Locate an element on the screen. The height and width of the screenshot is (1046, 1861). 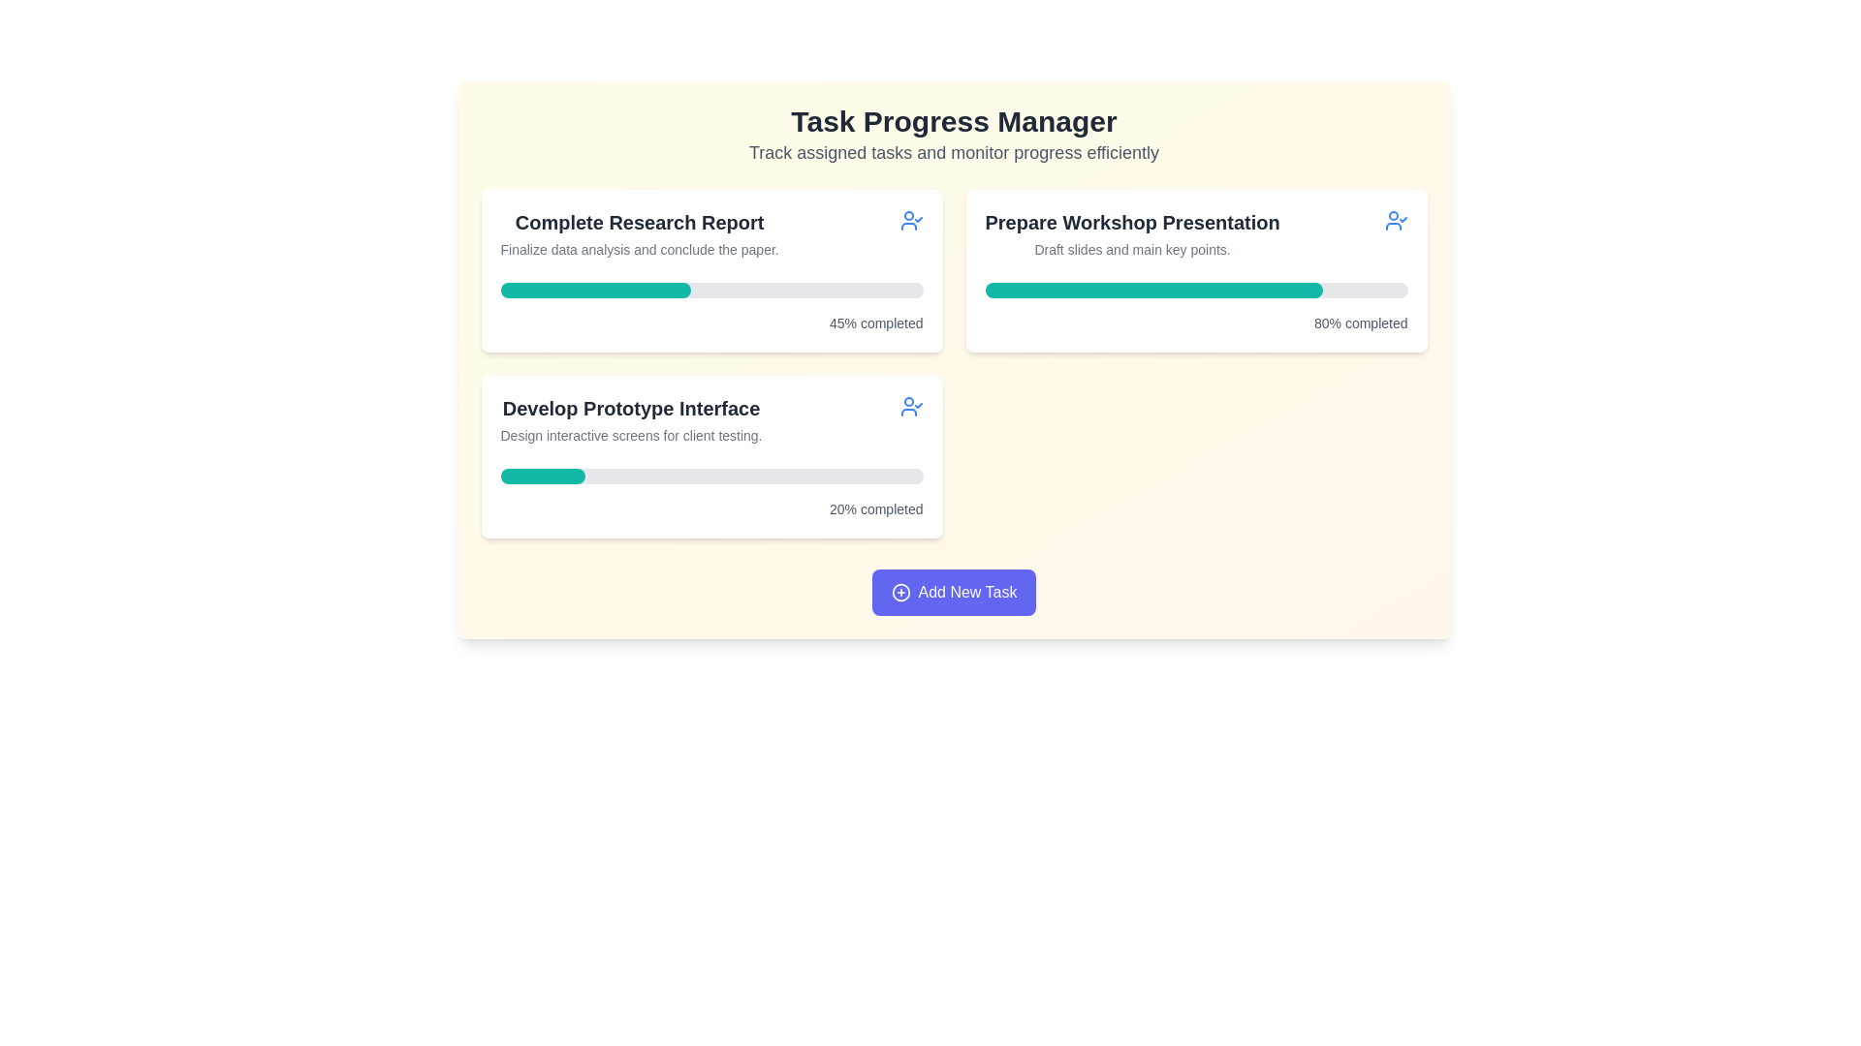
text label that displays 'Track assigned tasks and monitor progress efficiently', which is styled in gray and positioned below the title 'Task Progress Manager' is located at coordinates (954, 152).